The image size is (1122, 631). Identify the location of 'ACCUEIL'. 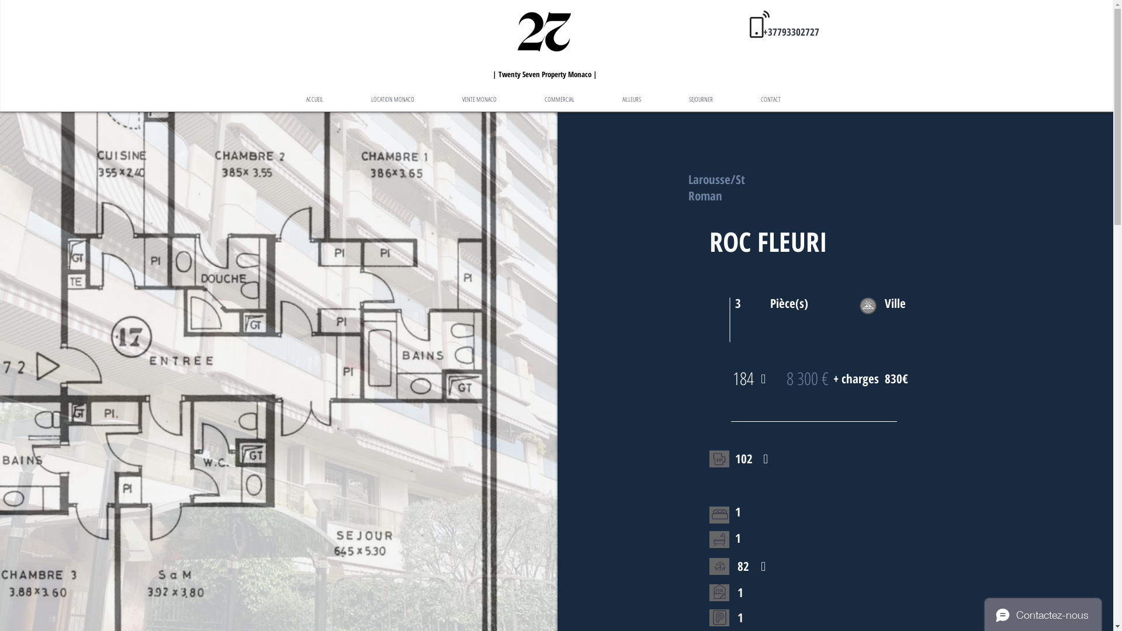
(314, 98).